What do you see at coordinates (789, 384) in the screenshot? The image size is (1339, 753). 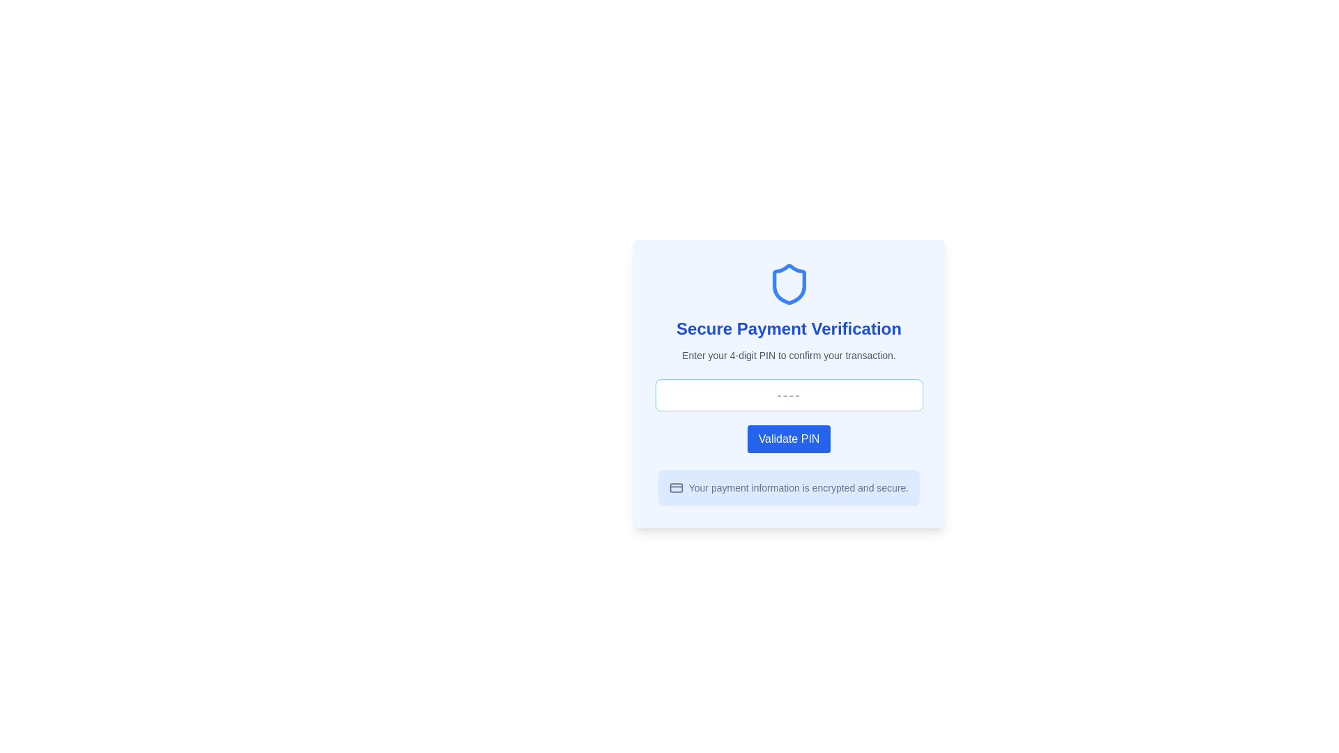 I see `the PIN input box located under the 'Secure Payment Verification' heading to focus for user input` at bounding box center [789, 384].